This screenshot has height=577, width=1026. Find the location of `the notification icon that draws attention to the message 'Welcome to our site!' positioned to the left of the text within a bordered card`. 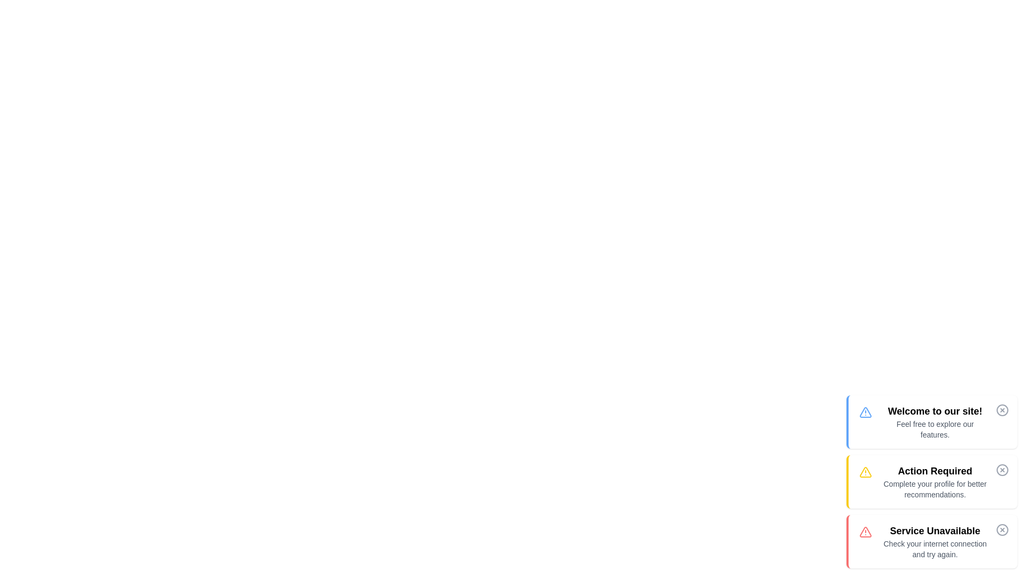

the notification icon that draws attention to the message 'Welcome to our site!' positioned to the left of the text within a bordered card is located at coordinates (866, 411).